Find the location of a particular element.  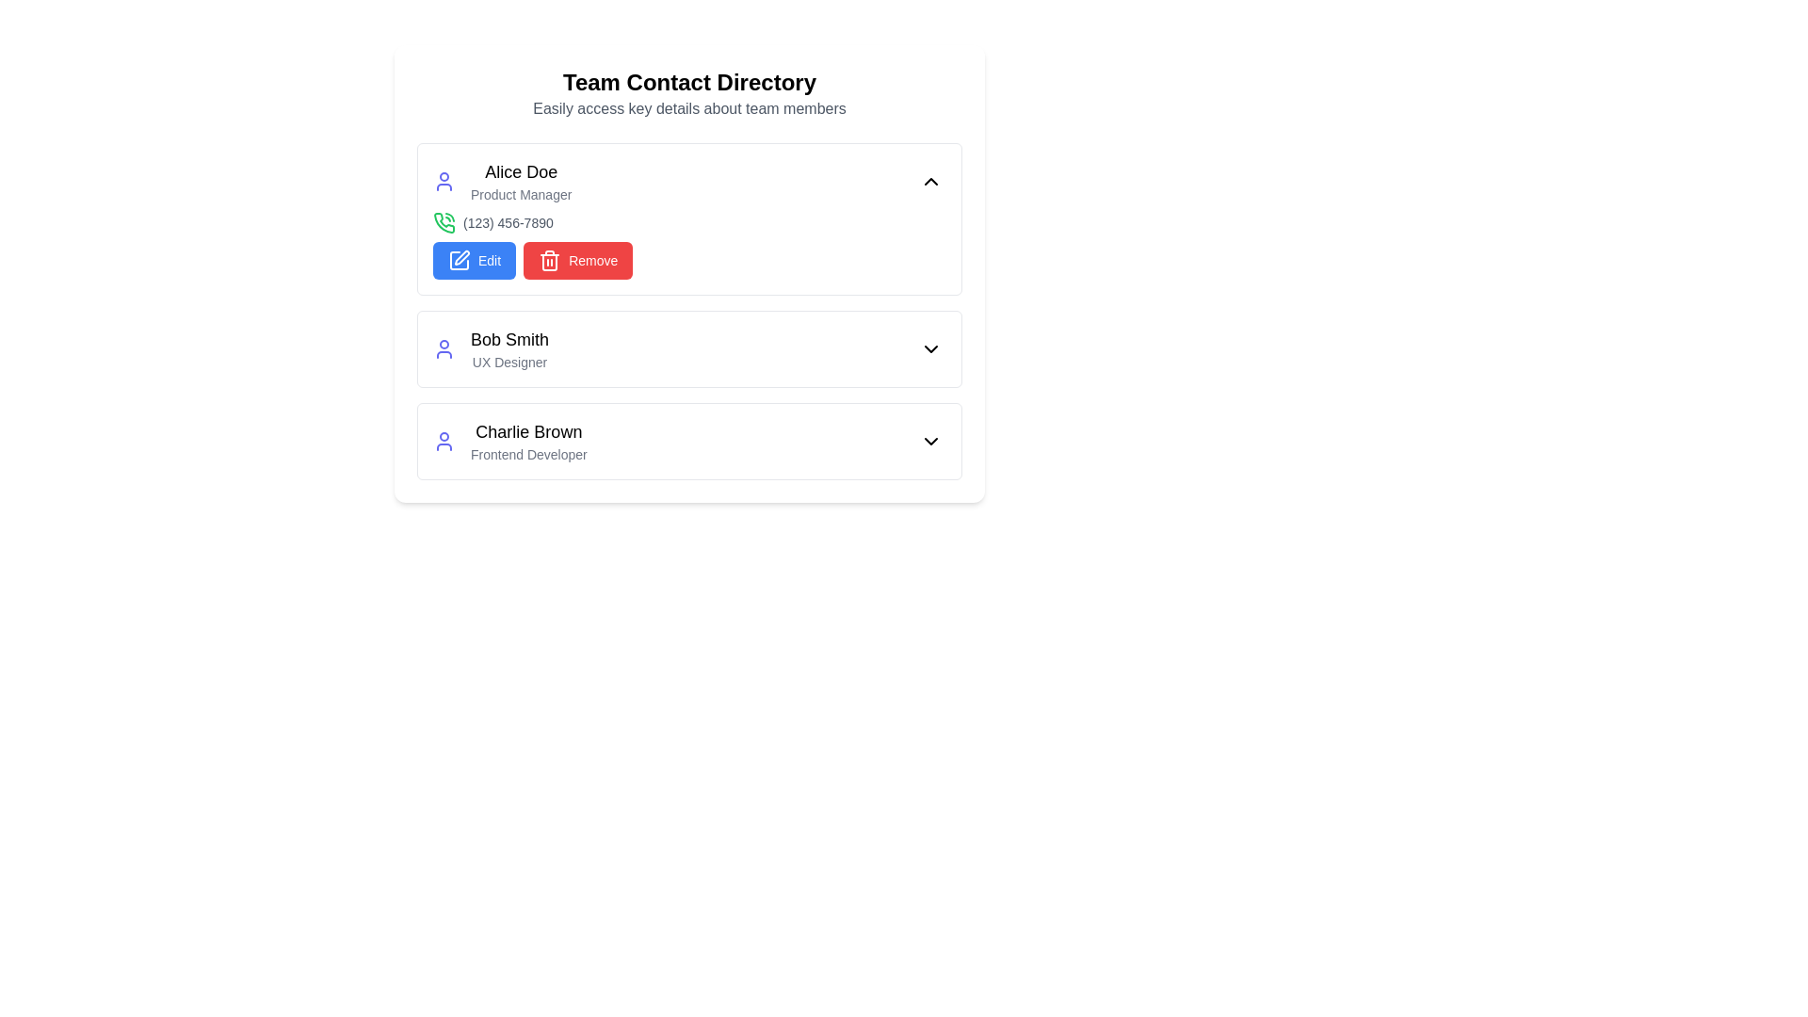

the delete icon located to the right of the 'Remove' button for the contact 'Alice Doe' is located at coordinates (549, 261).